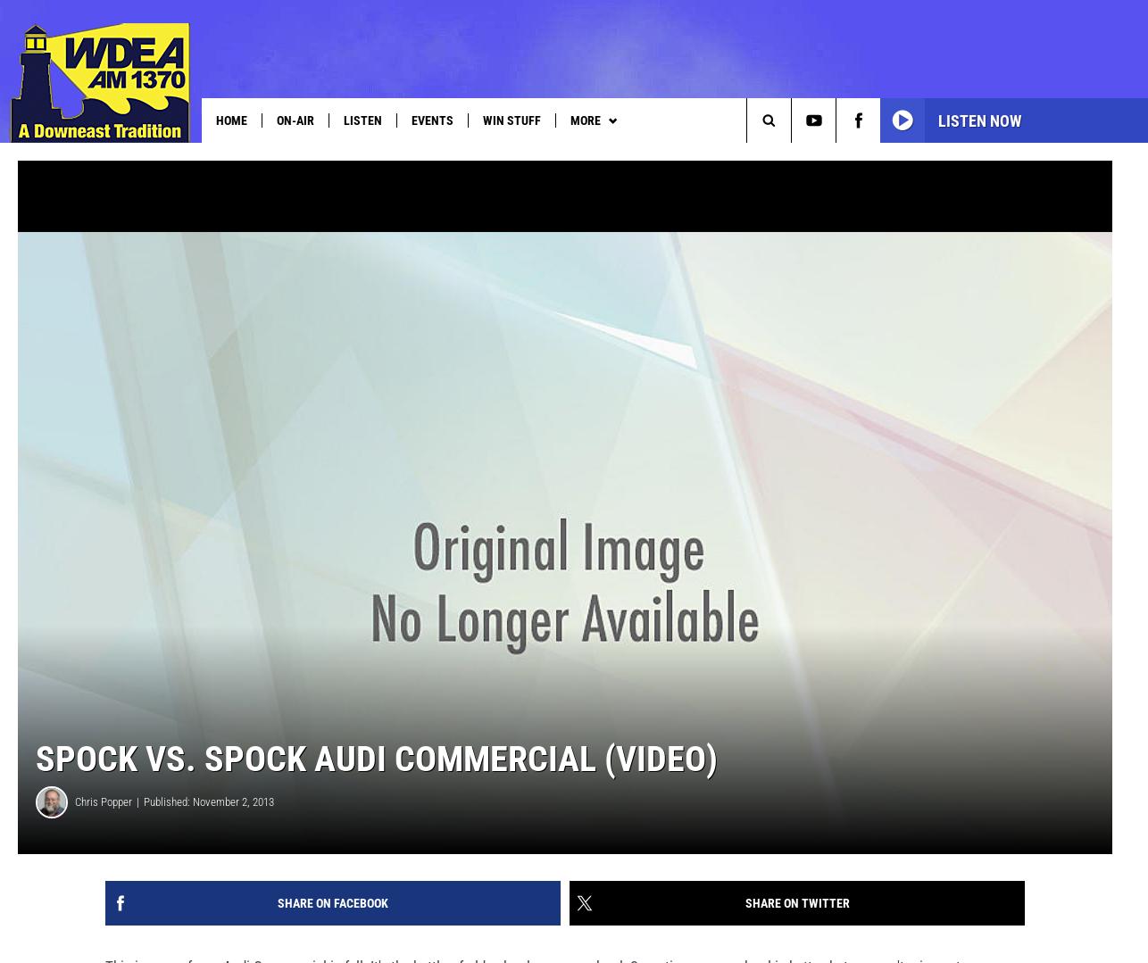 Image resolution: width=1148 pixels, height=963 pixels. What do you see at coordinates (362, 119) in the screenshot?
I see `'Listen'` at bounding box center [362, 119].